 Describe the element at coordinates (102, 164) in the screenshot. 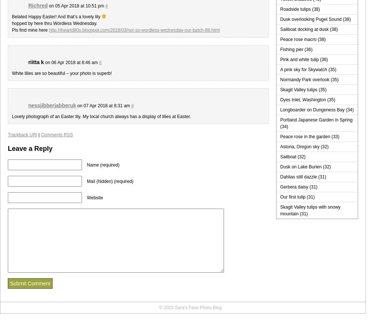

I see `'Name (required)'` at that location.